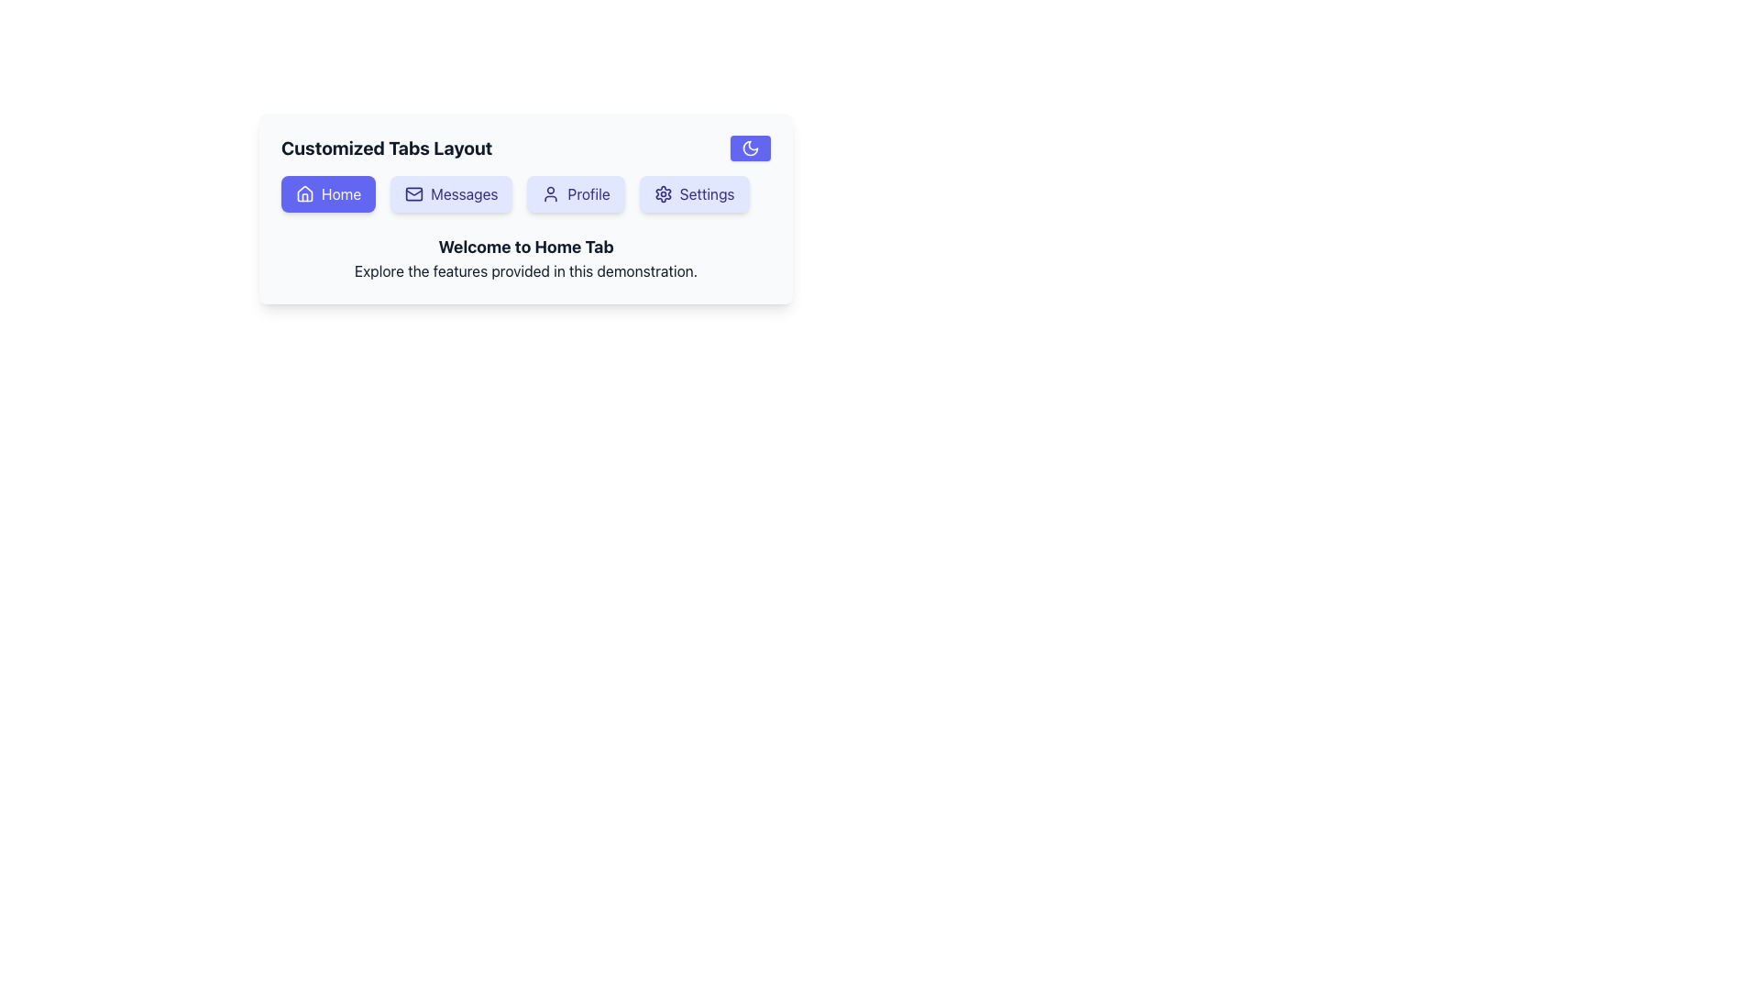 This screenshot has height=990, width=1760. I want to click on the fourth button in the navigation bar, which is located immediately to the right of the 'Profile' button, so click(693, 194).